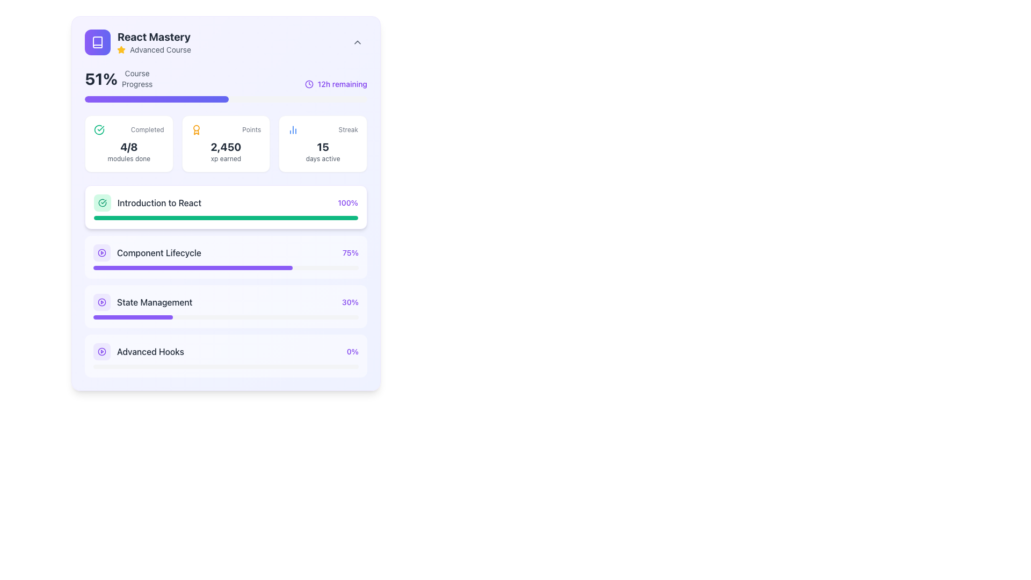 This screenshot has width=1031, height=580. Describe the element at coordinates (226, 366) in the screenshot. I see `the Progress bar that visually represents the completion progress of the 'Advanced Hooks' module, located at the bottom of the 'Advanced Hooks' section in the 'React Mastery' course` at that location.